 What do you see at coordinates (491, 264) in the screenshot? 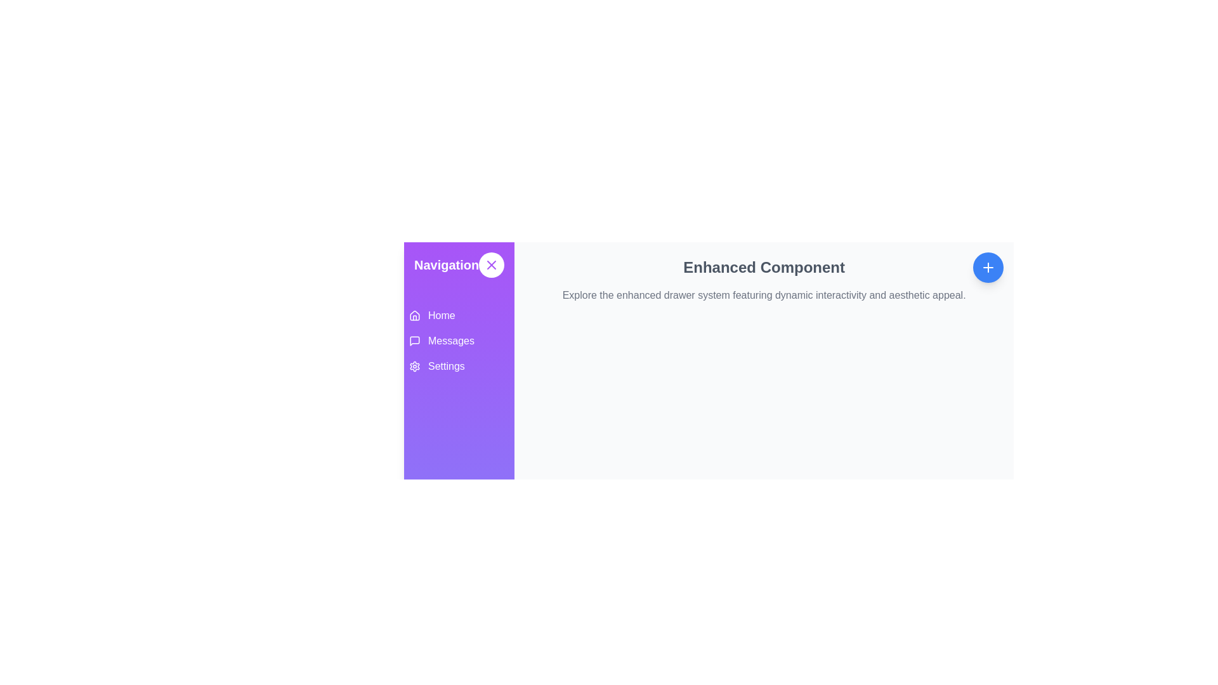
I see `the circular button with a white background and purple border, containing a purple 'X' icon` at bounding box center [491, 264].